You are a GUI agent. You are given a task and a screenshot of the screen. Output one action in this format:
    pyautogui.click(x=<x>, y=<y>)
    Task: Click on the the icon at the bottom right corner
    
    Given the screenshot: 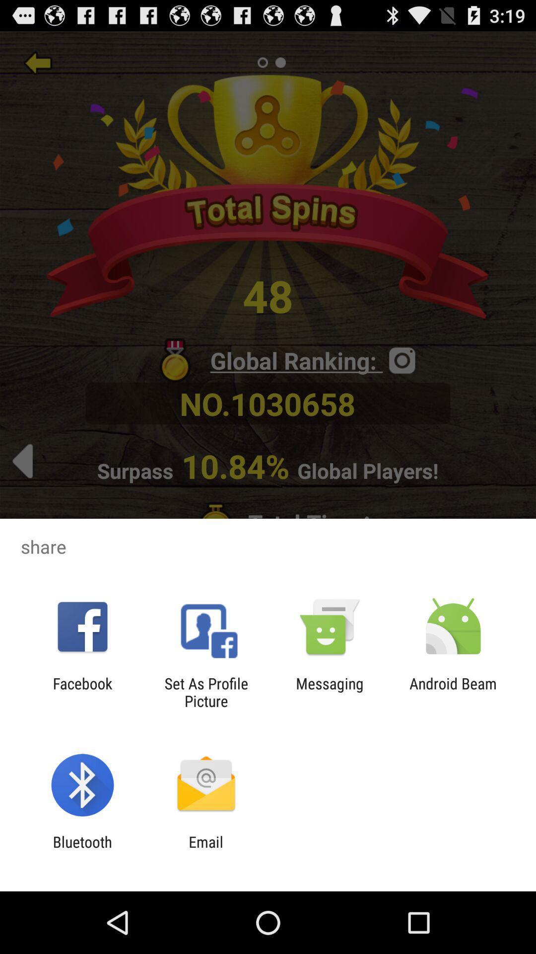 What is the action you would take?
    pyautogui.click(x=453, y=692)
    